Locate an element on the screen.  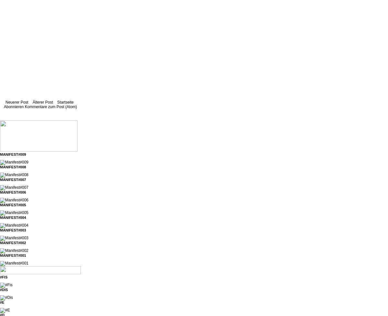
'Älterer Post' is located at coordinates (43, 102).